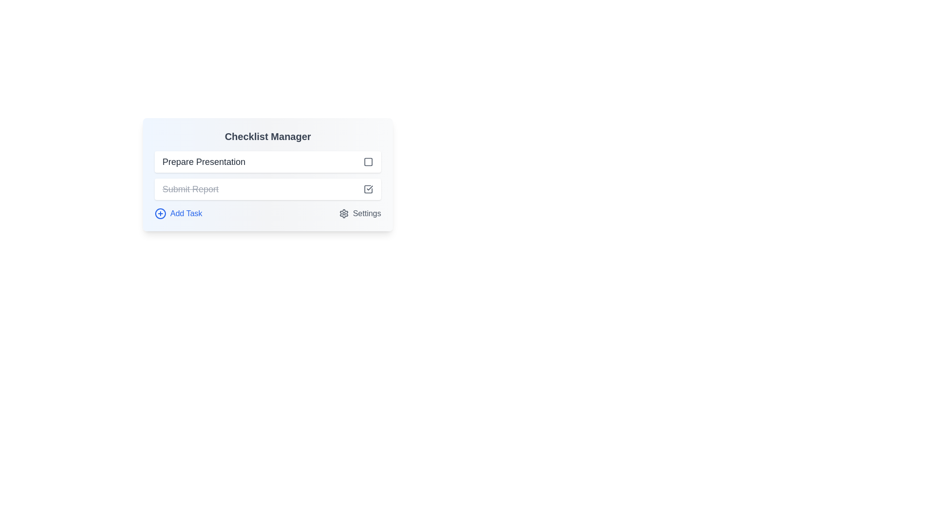  What do you see at coordinates (186, 213) in the screenshot?
I see `the 'Add Task' text label, which is styled in blue and positioned next to a circular blue icon with a plus symbol` at bounding box center [186, 213].